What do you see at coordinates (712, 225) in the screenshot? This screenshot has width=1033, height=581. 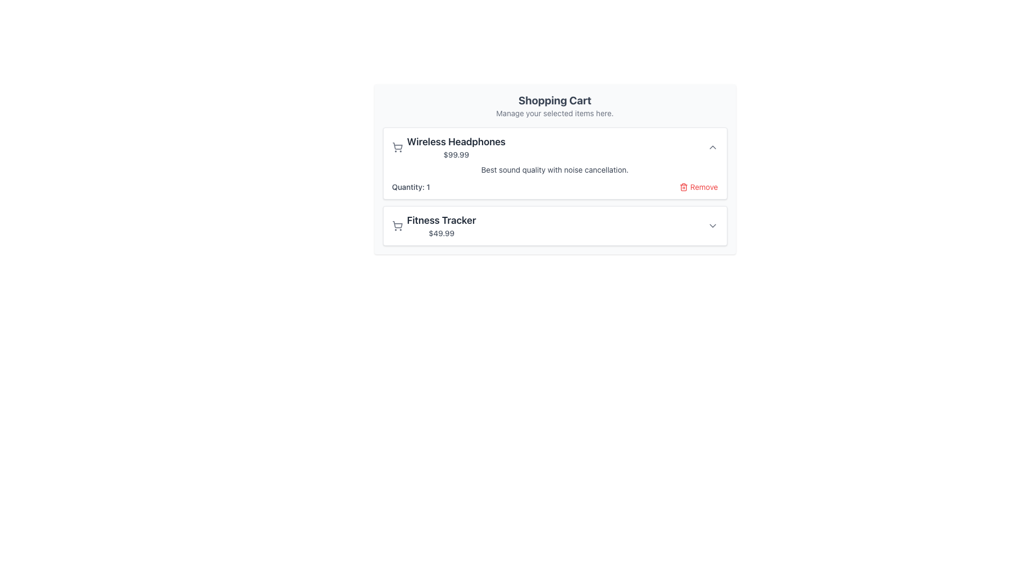 I see `the small downward-facing chevron icon on the right side of the 'Fitness Tracker $49.99' row` at bounding box center [712, 225].